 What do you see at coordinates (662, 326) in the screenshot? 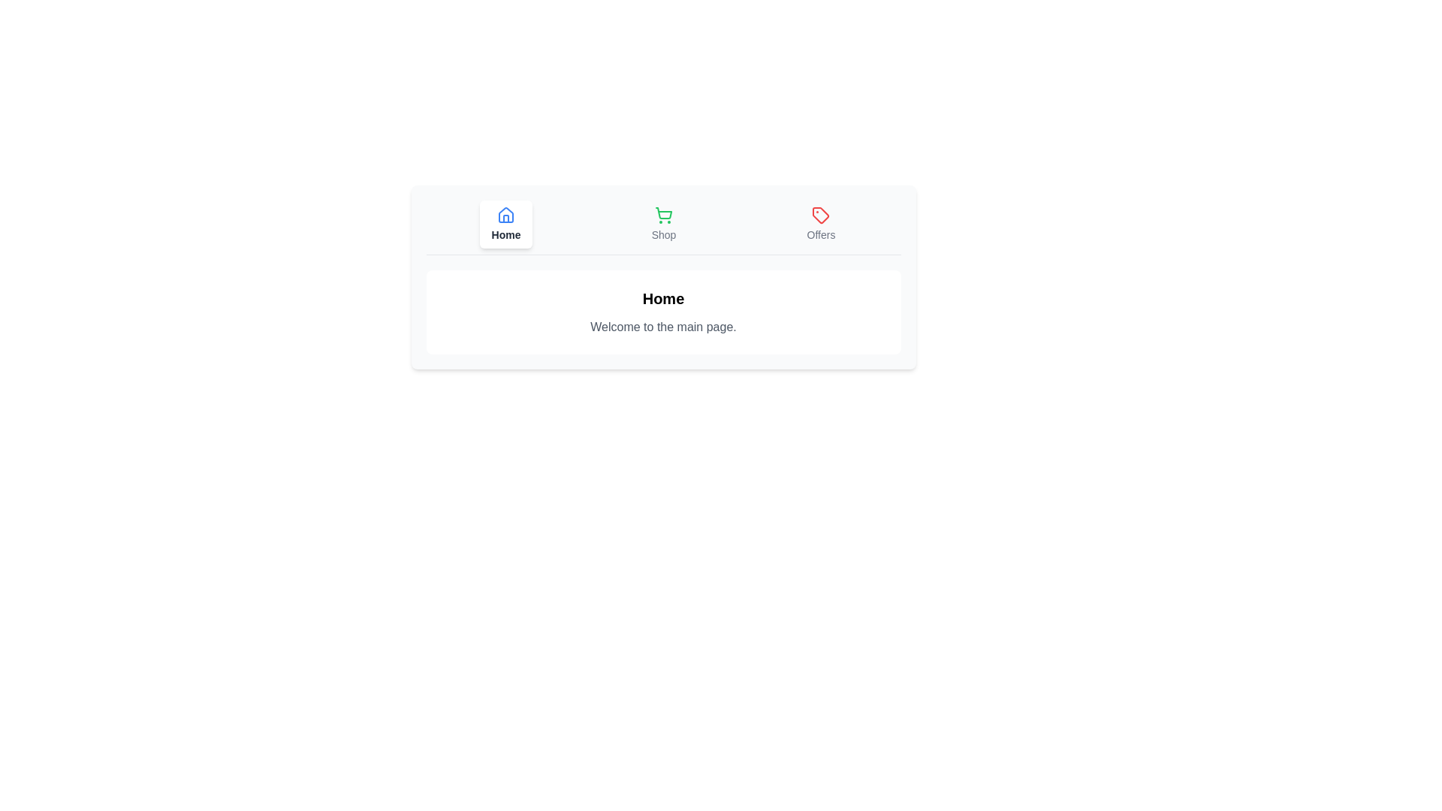
I see `the text 'Welcome to the main page.' to select it` at bounding box center [662, 326].